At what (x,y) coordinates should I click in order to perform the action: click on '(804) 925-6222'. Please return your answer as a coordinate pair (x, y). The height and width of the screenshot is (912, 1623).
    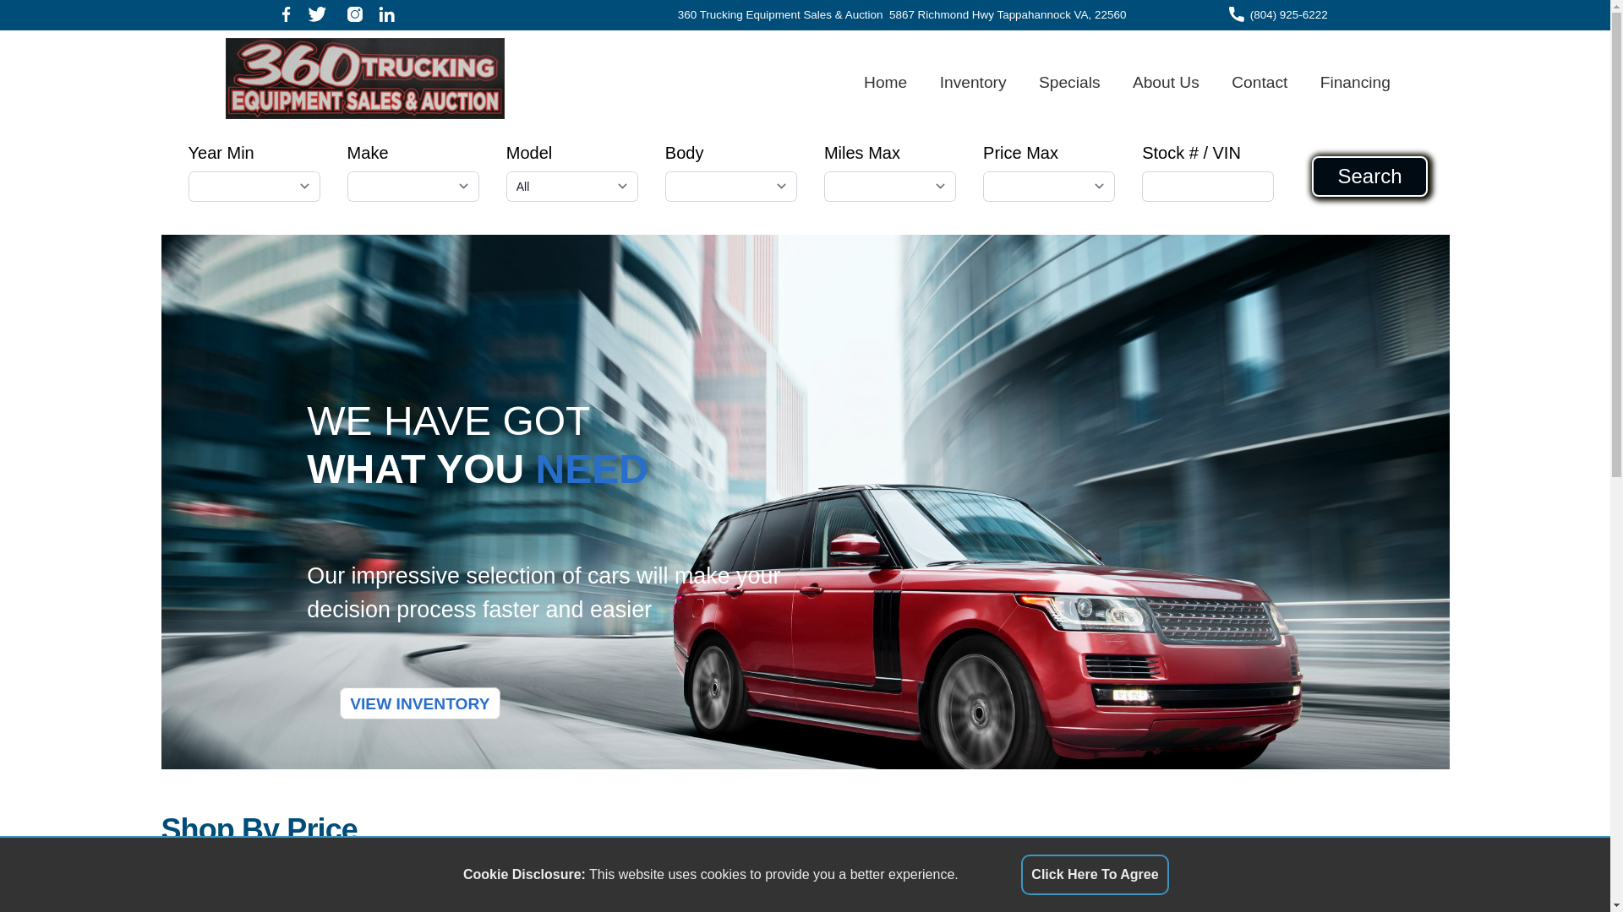
    Looking at the image, I should click on (1288, 15).